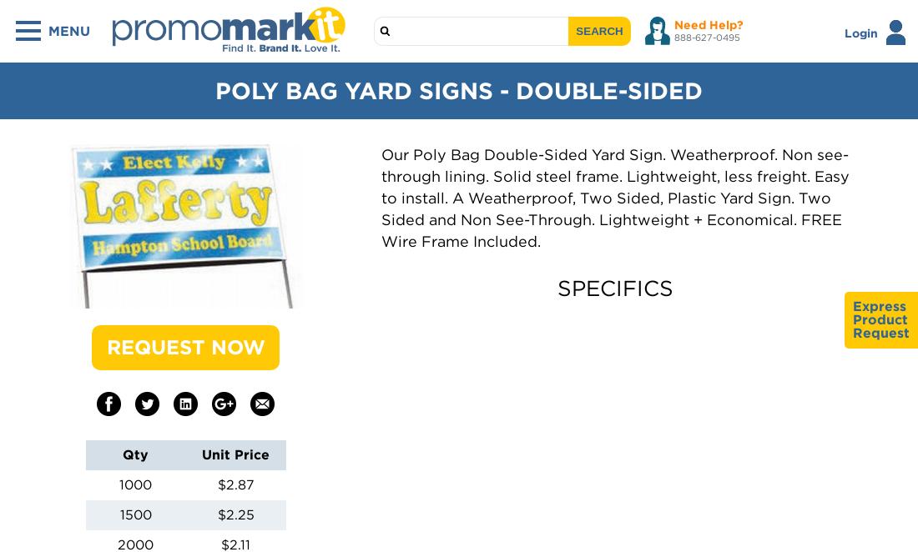  Describe the element at coordinates (708, 24) in the screenshot. I see `'Need Help?'` at that location.